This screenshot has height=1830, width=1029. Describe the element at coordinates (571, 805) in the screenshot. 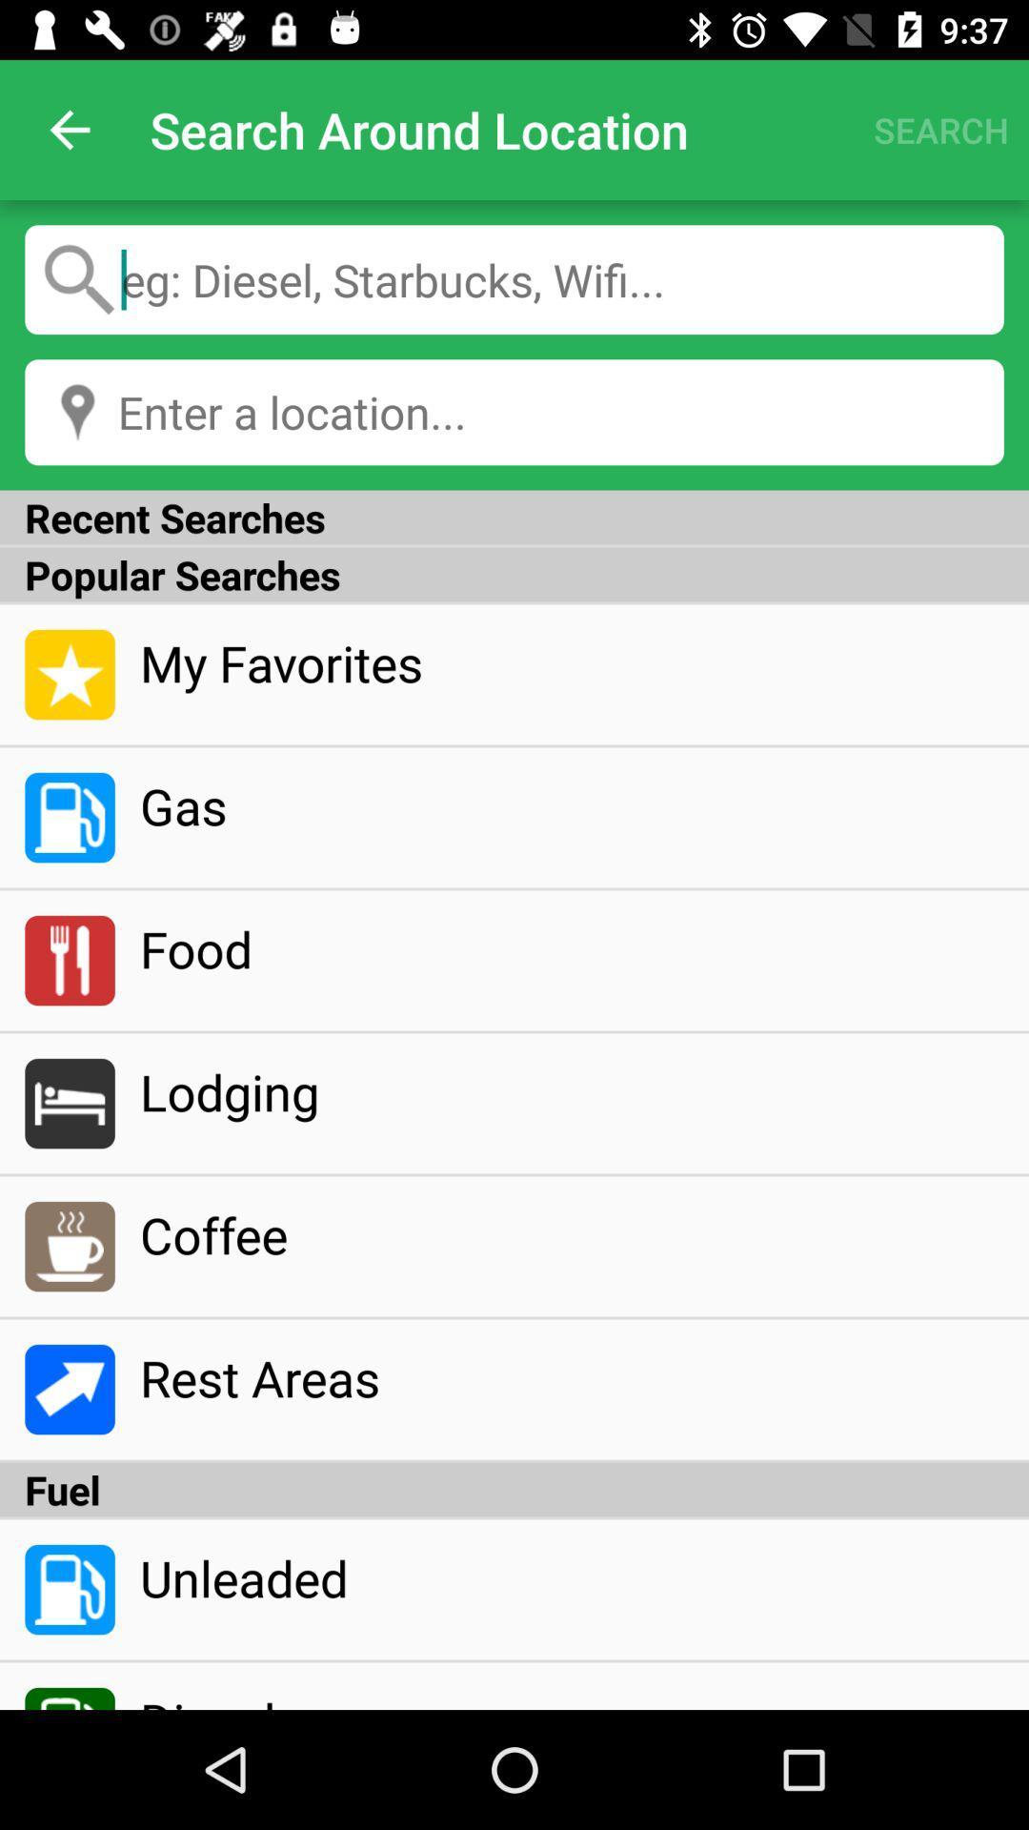

I see `icon above the food icon` at that location.